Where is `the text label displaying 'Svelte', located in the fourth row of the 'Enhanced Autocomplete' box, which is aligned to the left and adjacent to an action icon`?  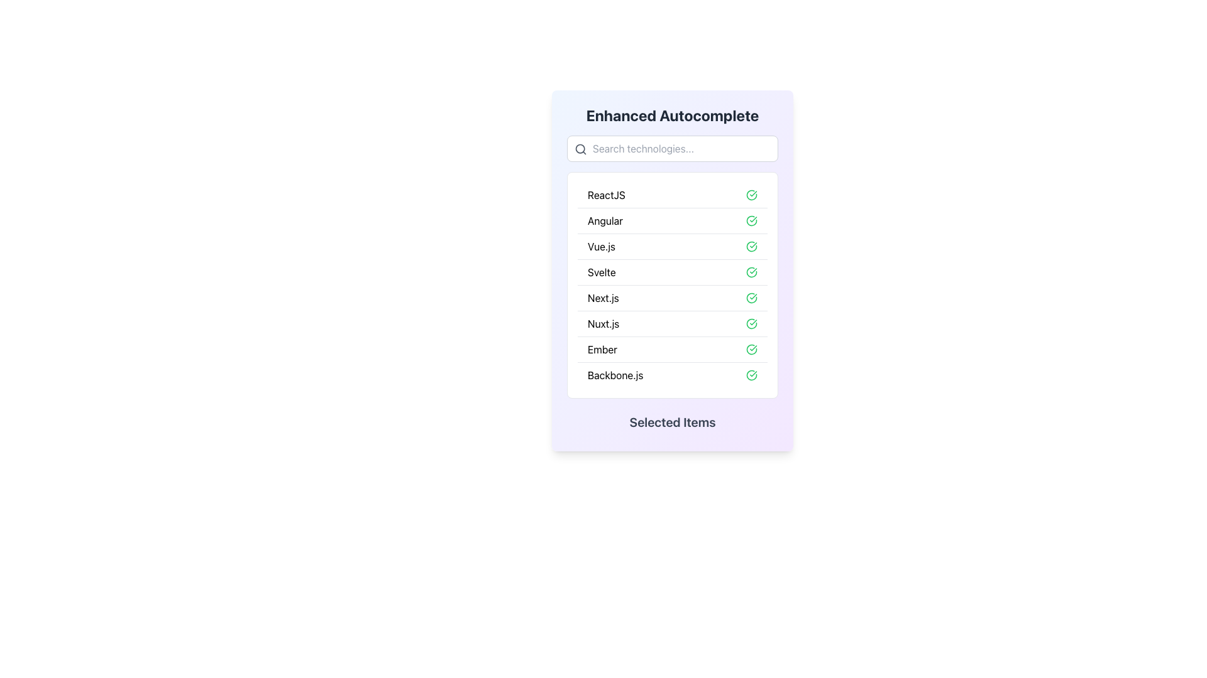 the text label displaying 'Svelte', located in the fourth row of the 'Enhanced Autocomplete' box, which is aligned to the left and adjacent to an action icon is located at coordinates (601, 272).